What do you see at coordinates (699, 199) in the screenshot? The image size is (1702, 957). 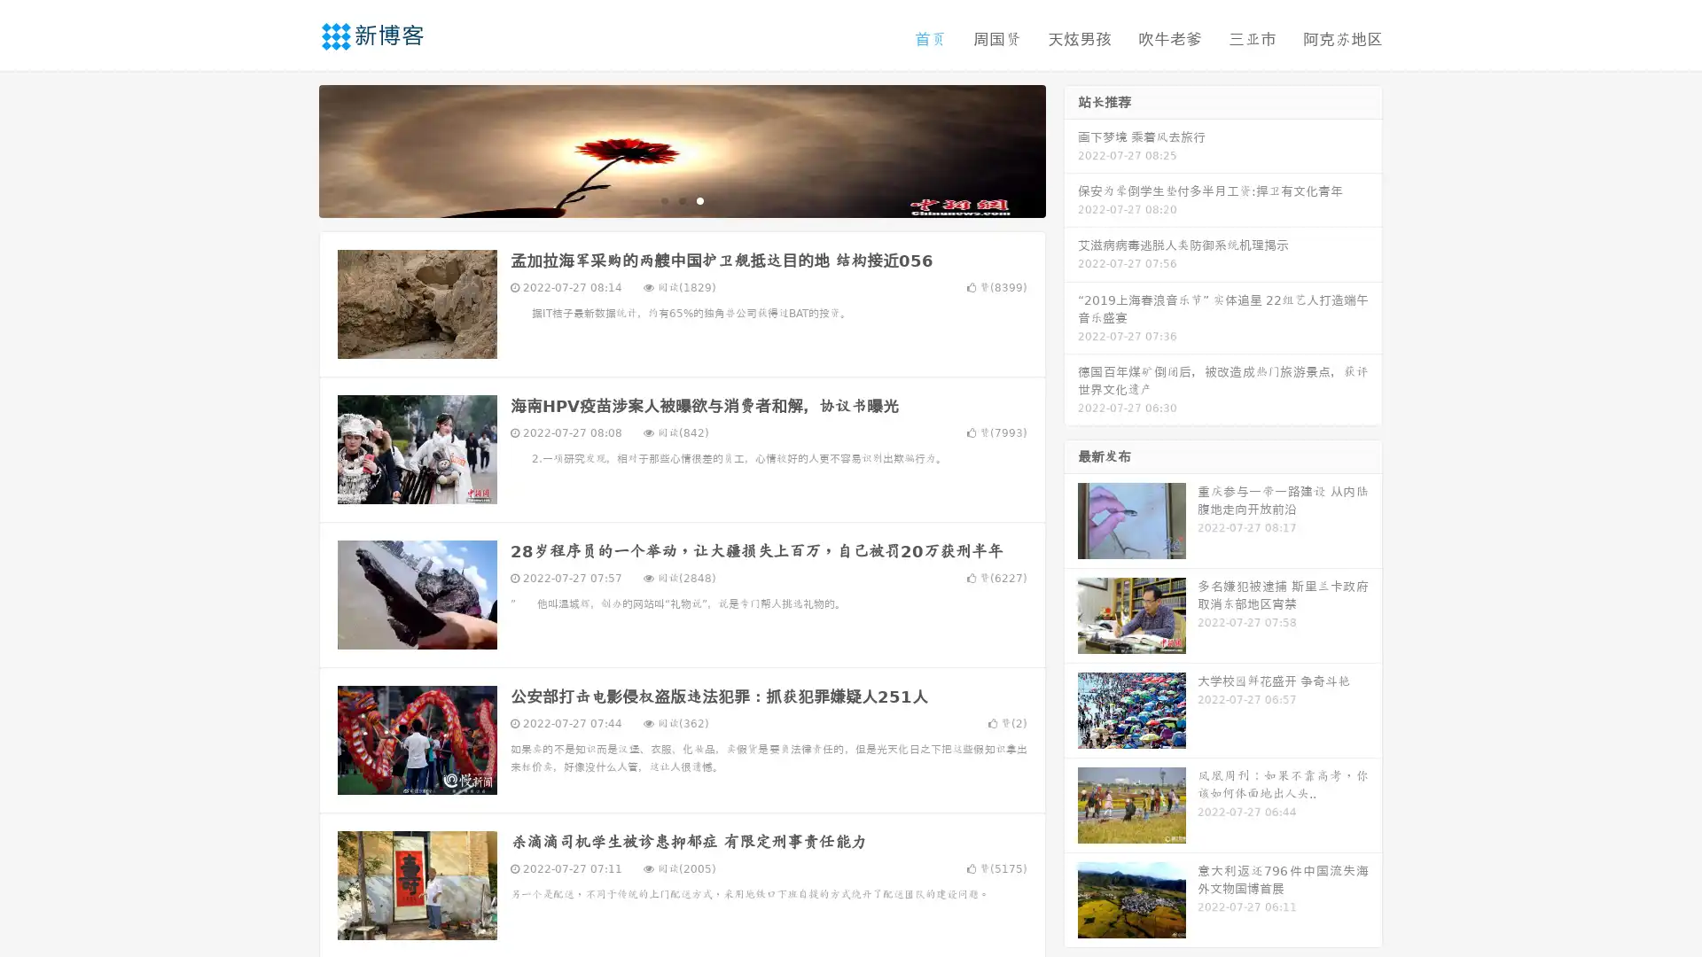 I see `Go to slide 3` at bounding box center [699, 199].